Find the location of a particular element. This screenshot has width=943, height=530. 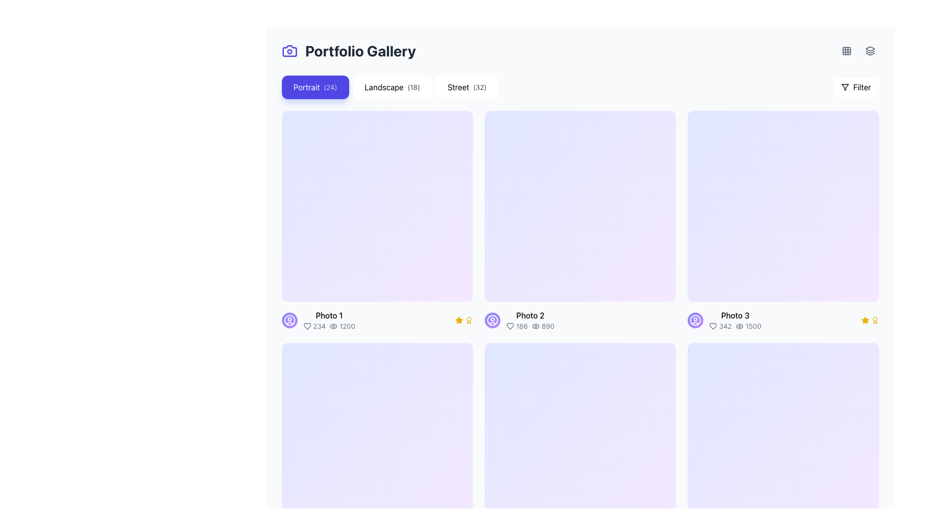

the 'Portfolio Gallery' title with icon, which serves as the header for the section, located at the top-left of the interface is located at coordinates (349, 51).